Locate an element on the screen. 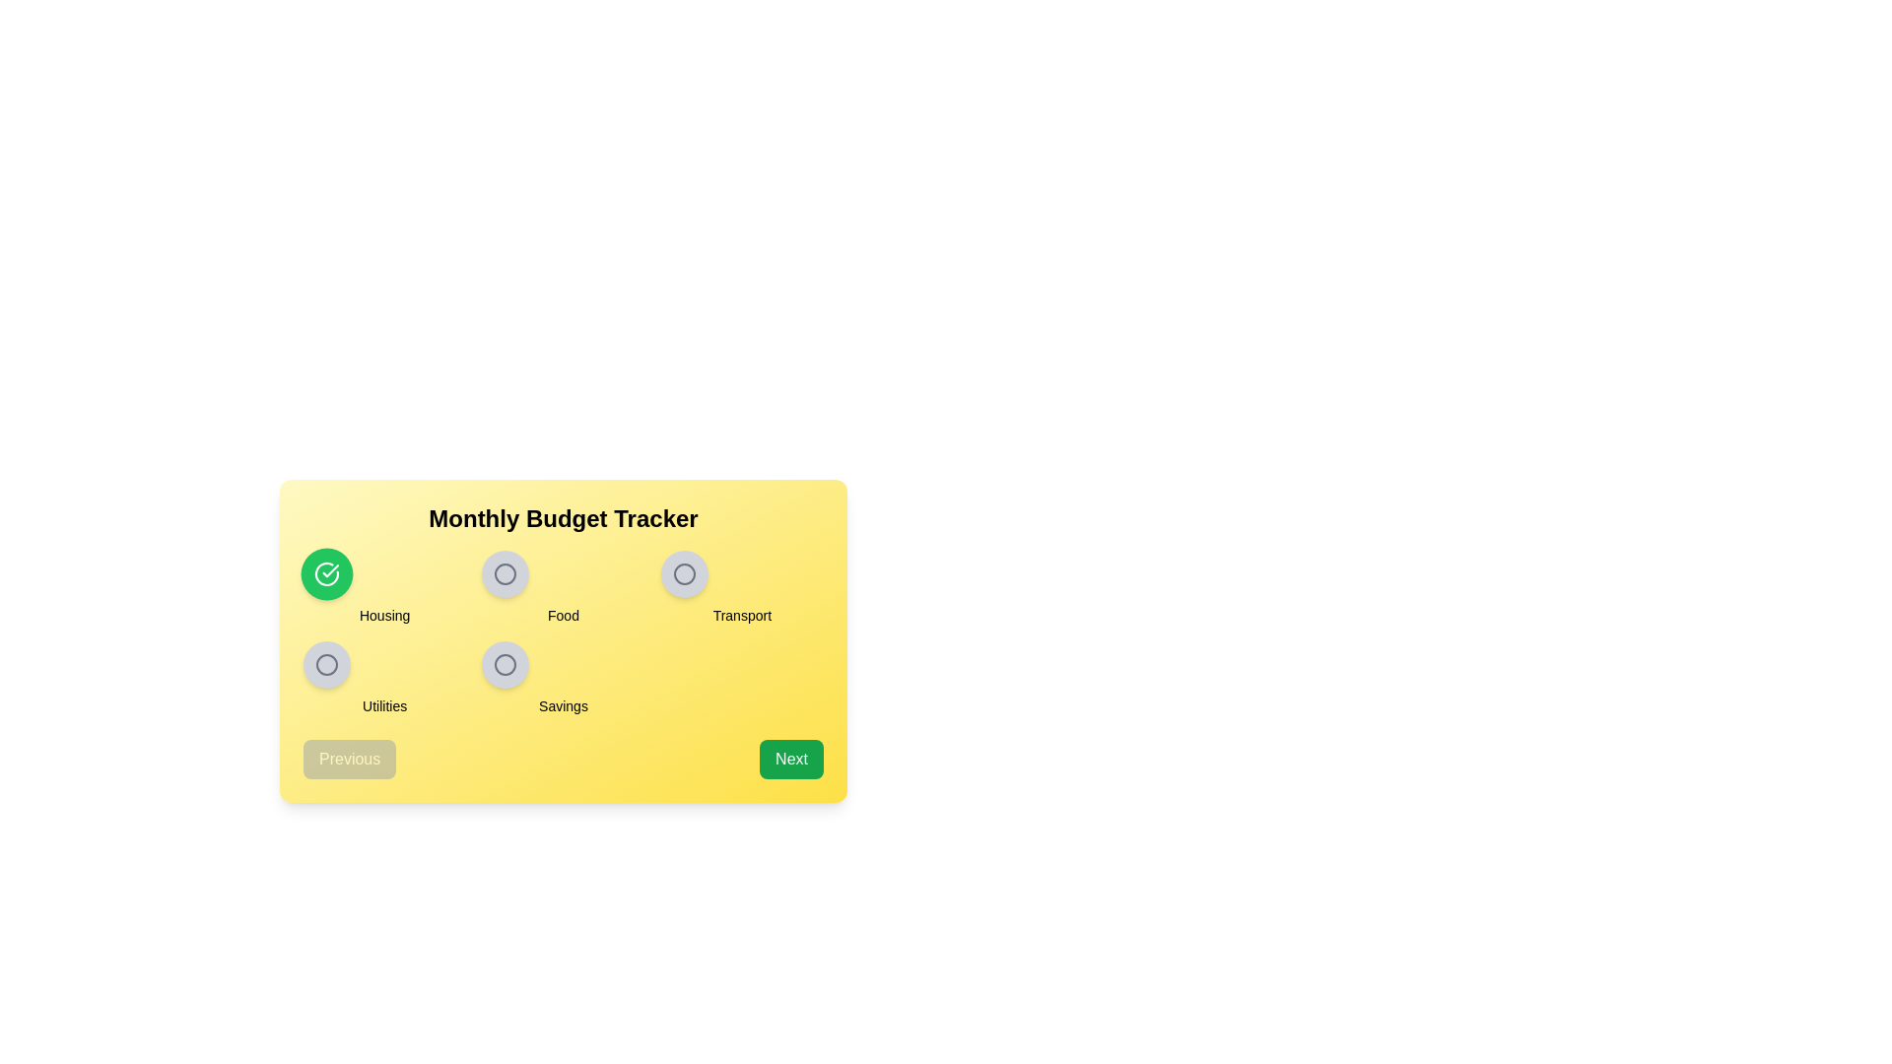 The width and height of the screenshot is (1892, 1064). the 'Housing' text label located in the bottom half of the 'Monthly Budget Tracker' card is located at coordinates (384, 614).